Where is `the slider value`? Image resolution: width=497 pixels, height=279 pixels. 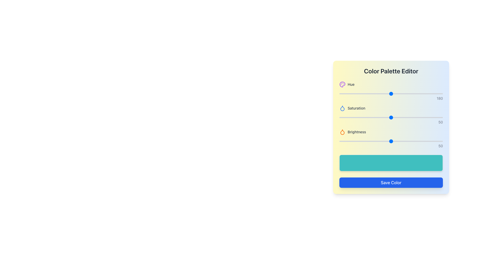 the slider value is located at coordinates (401, 118).